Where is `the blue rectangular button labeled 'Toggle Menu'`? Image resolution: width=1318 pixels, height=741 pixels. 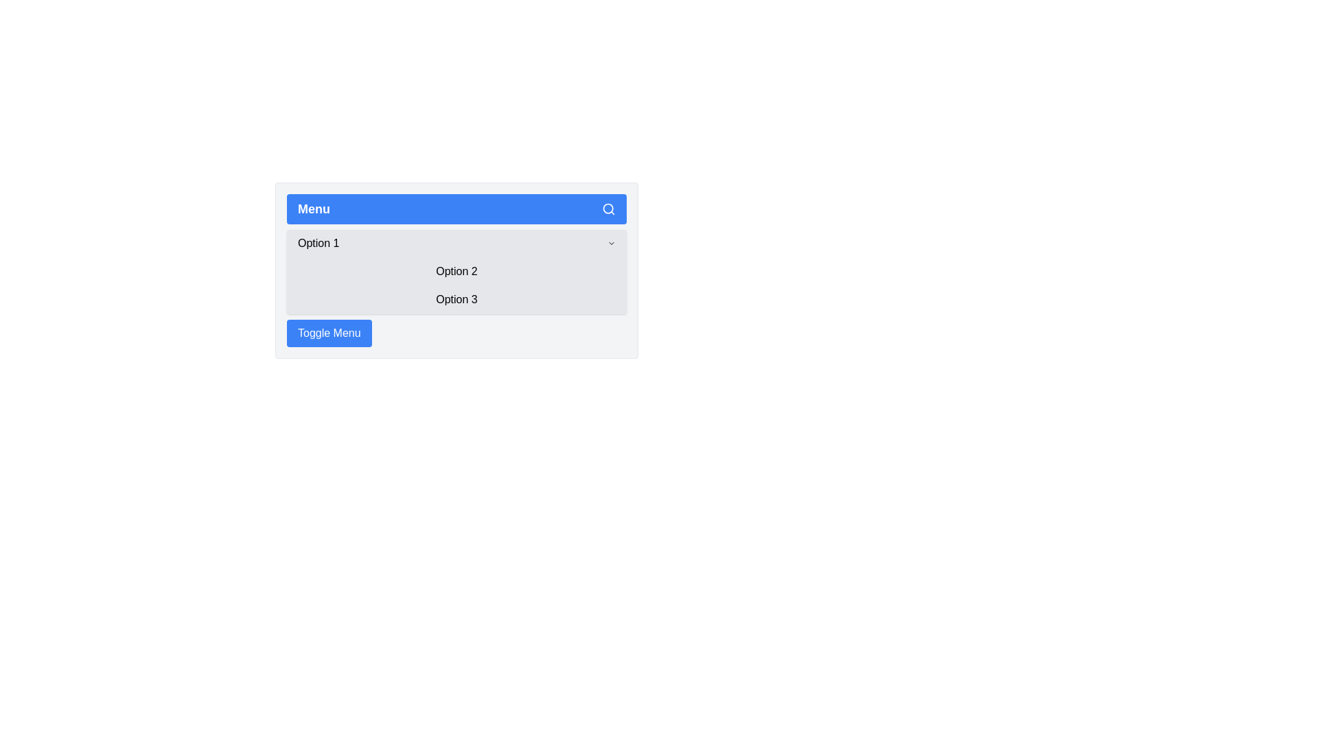 the blue rectangular button labeled 'Toggle Menu' is located at coordinates (328, 333).